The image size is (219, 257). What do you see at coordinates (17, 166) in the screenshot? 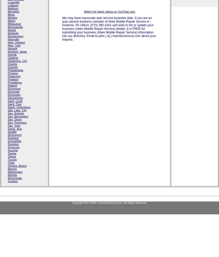
I see `'Virginia_Beach'` at bounding box center [17, 166].